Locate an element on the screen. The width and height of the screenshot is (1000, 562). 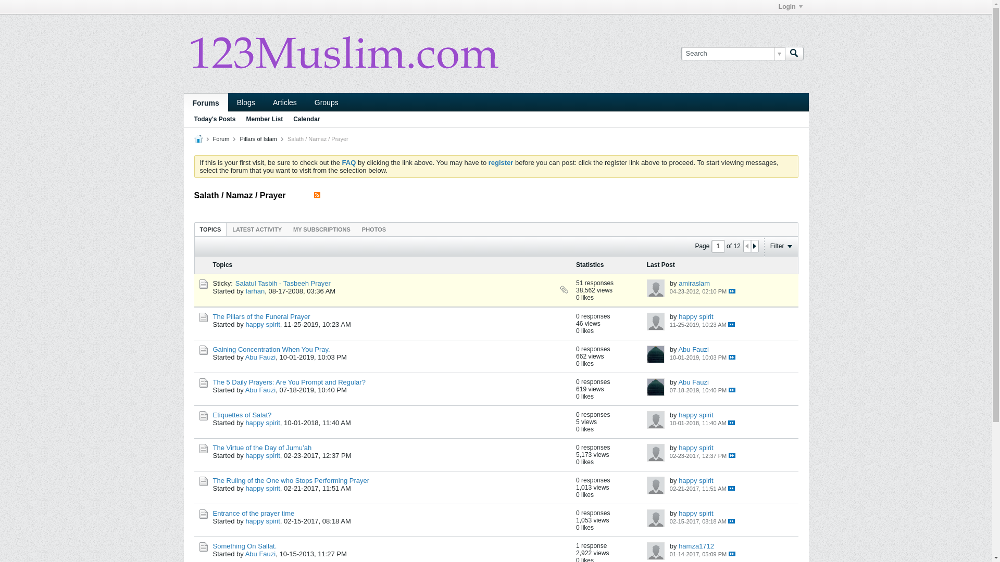
'Next Page' is located at coordinates (755, 246).